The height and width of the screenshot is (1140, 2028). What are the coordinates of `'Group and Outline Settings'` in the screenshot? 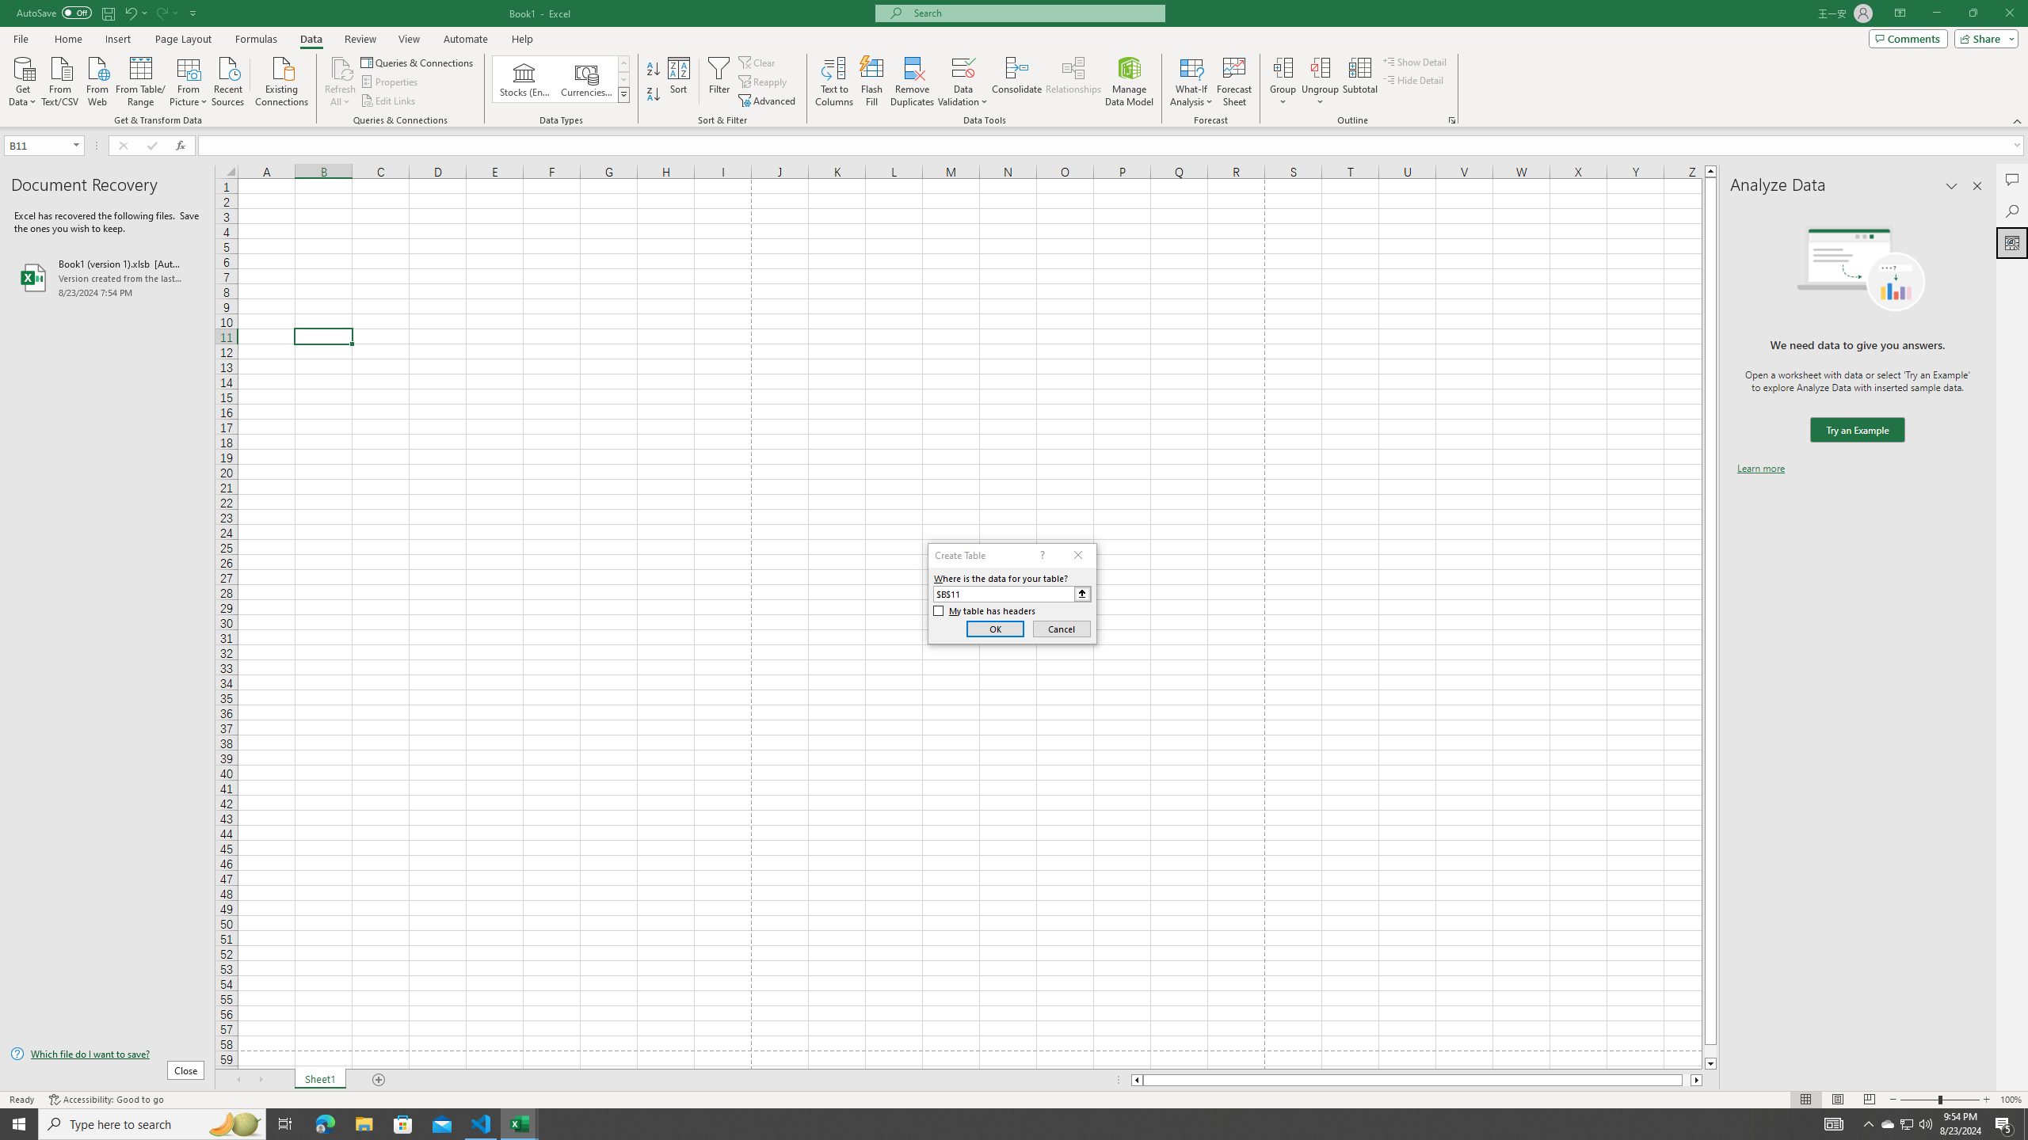 It's located at (1450, 119).